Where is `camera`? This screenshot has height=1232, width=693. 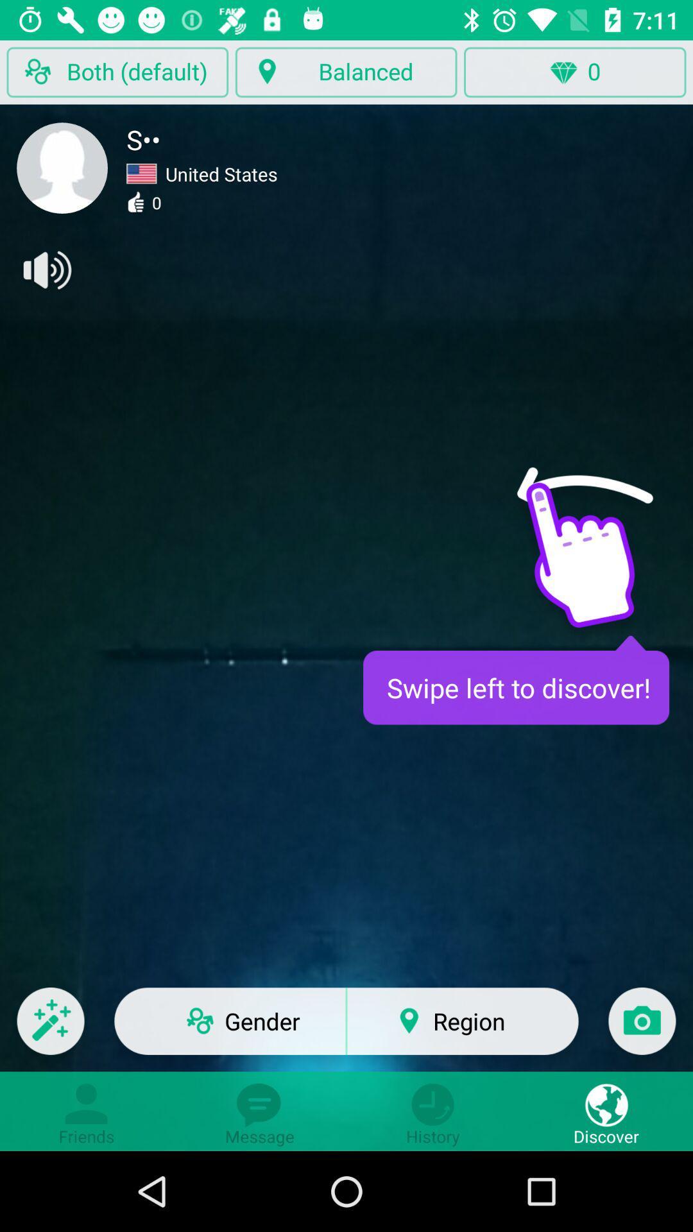 camera is located at coordinates (642, 1029).